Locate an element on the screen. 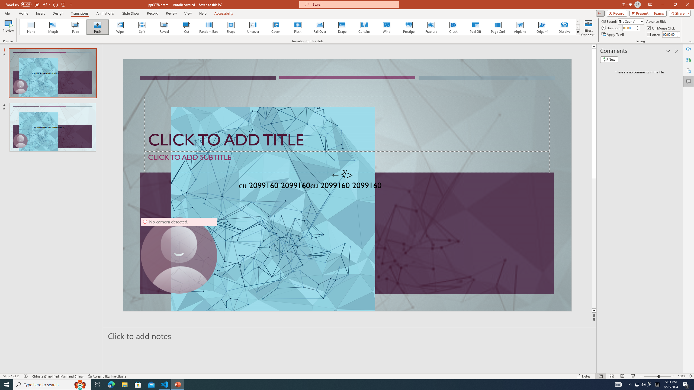 Image resolution: width=694 pixels, height=390 pixels. 'Zoom 130%' is located at coordinates (682, 376).